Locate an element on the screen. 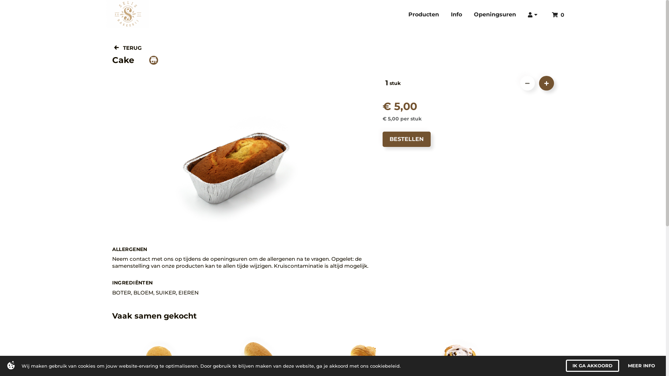  'I AGREE' is located at coordinates (605, 365).